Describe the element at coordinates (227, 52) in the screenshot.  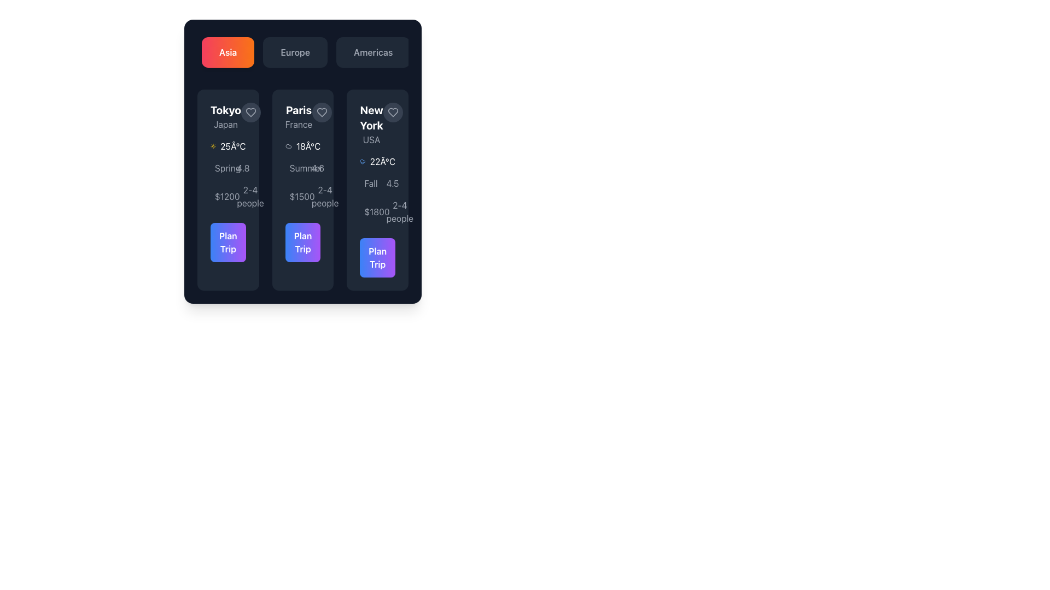
I see `the 'Asia' button, which is a horizontally rectangular button labeled in bold white text with a gradient background transitioning from rose to orange` at that location.